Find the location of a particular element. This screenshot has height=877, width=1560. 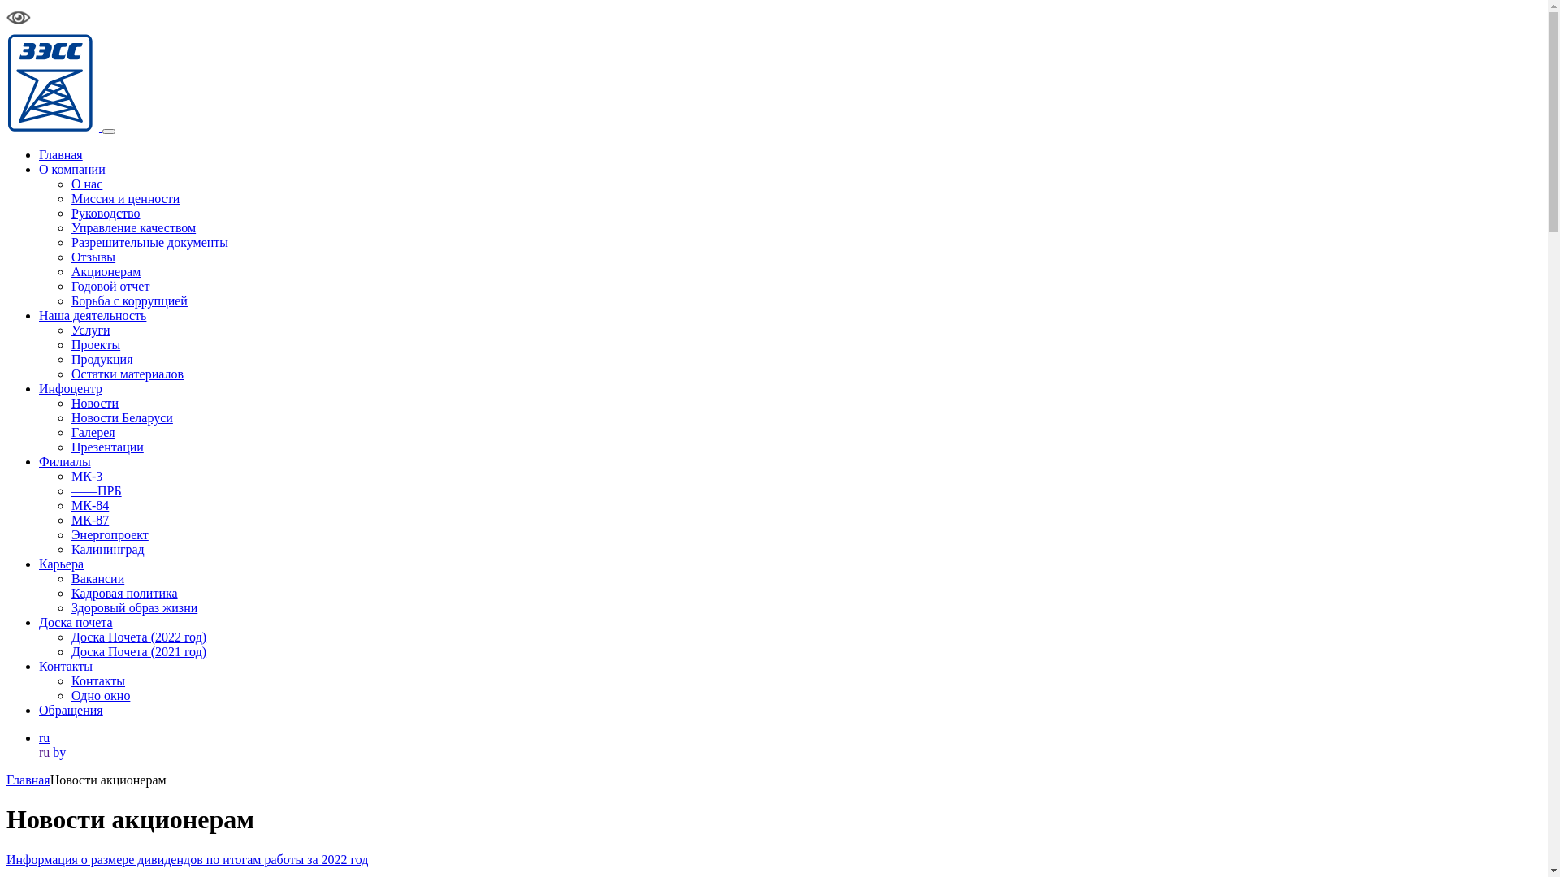

'ru' is located at coordinates (44, 737).